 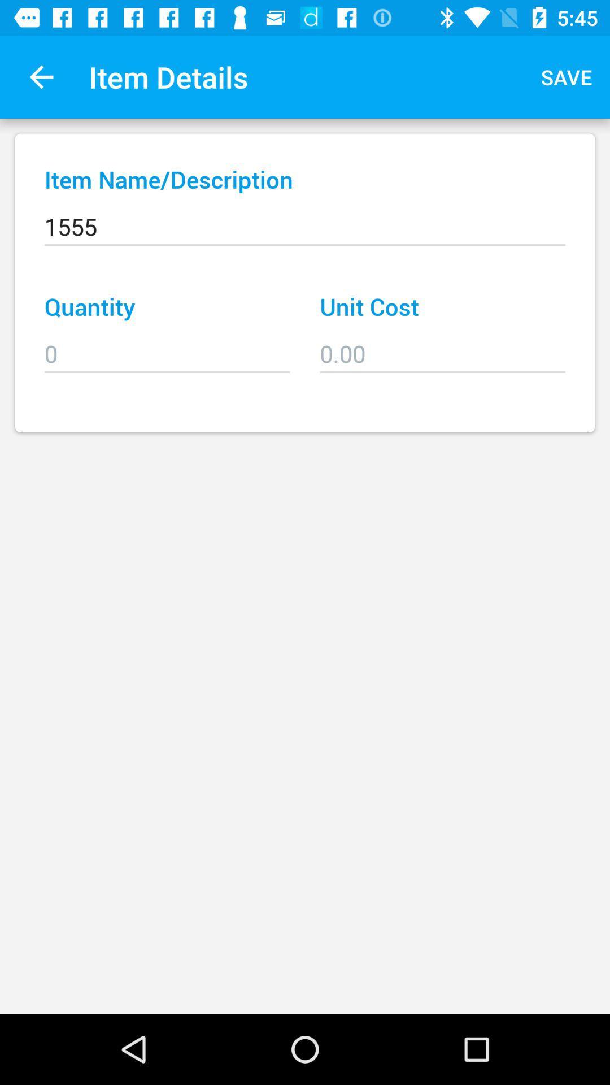 I want to click on 1555 icon, so click(x=305, y=219).